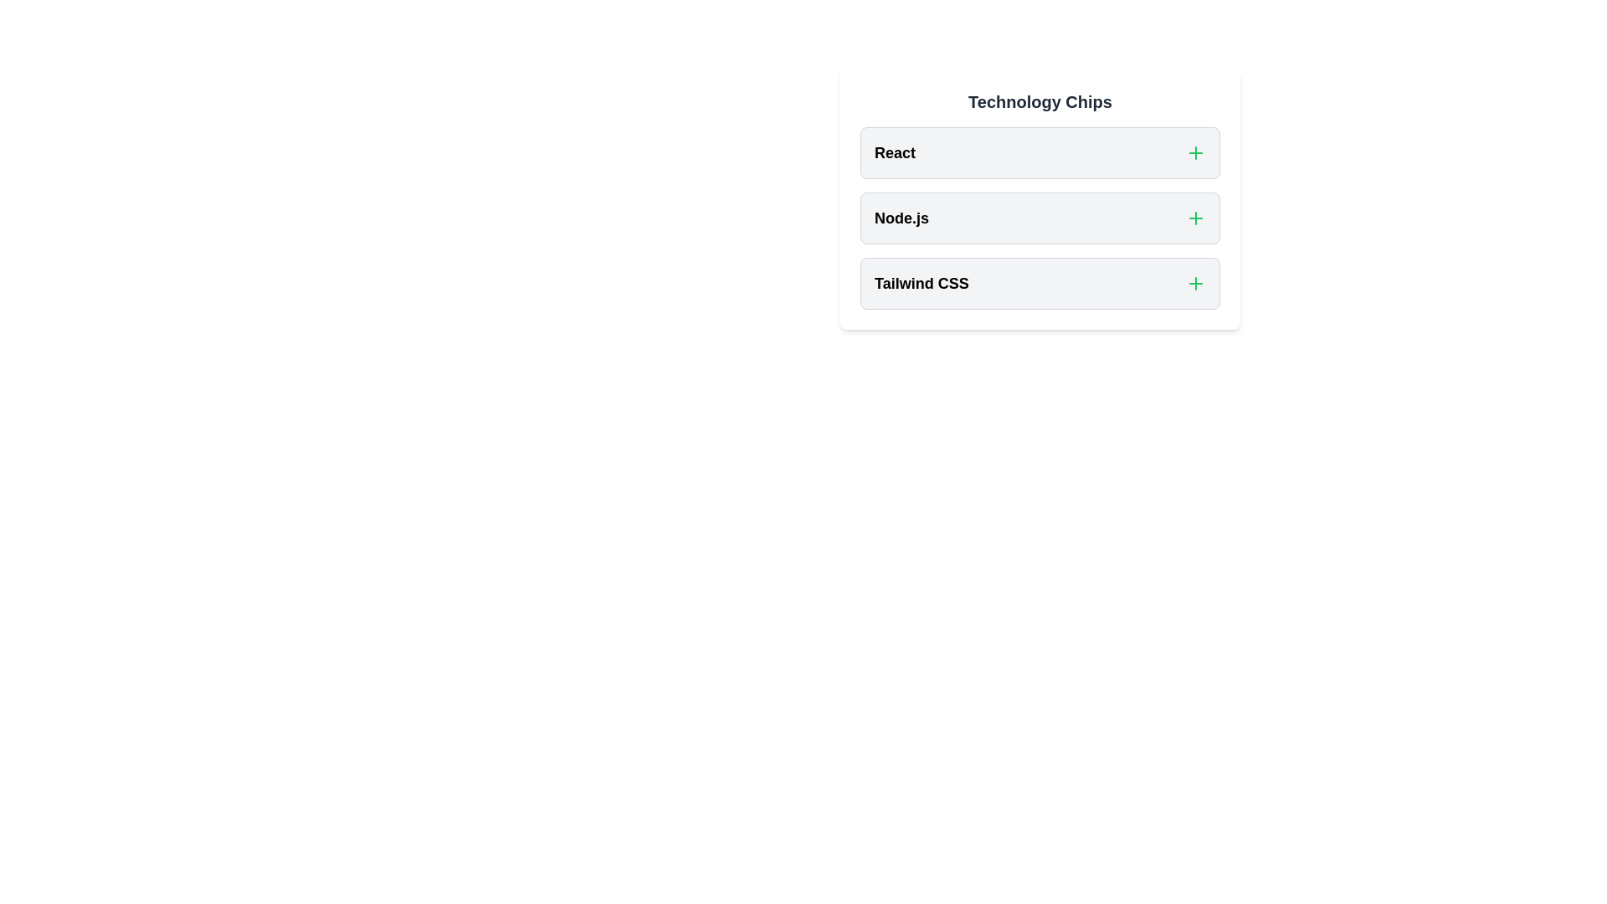  I want to click on '+' button for the chip titled 'React', so click(1195, 152).